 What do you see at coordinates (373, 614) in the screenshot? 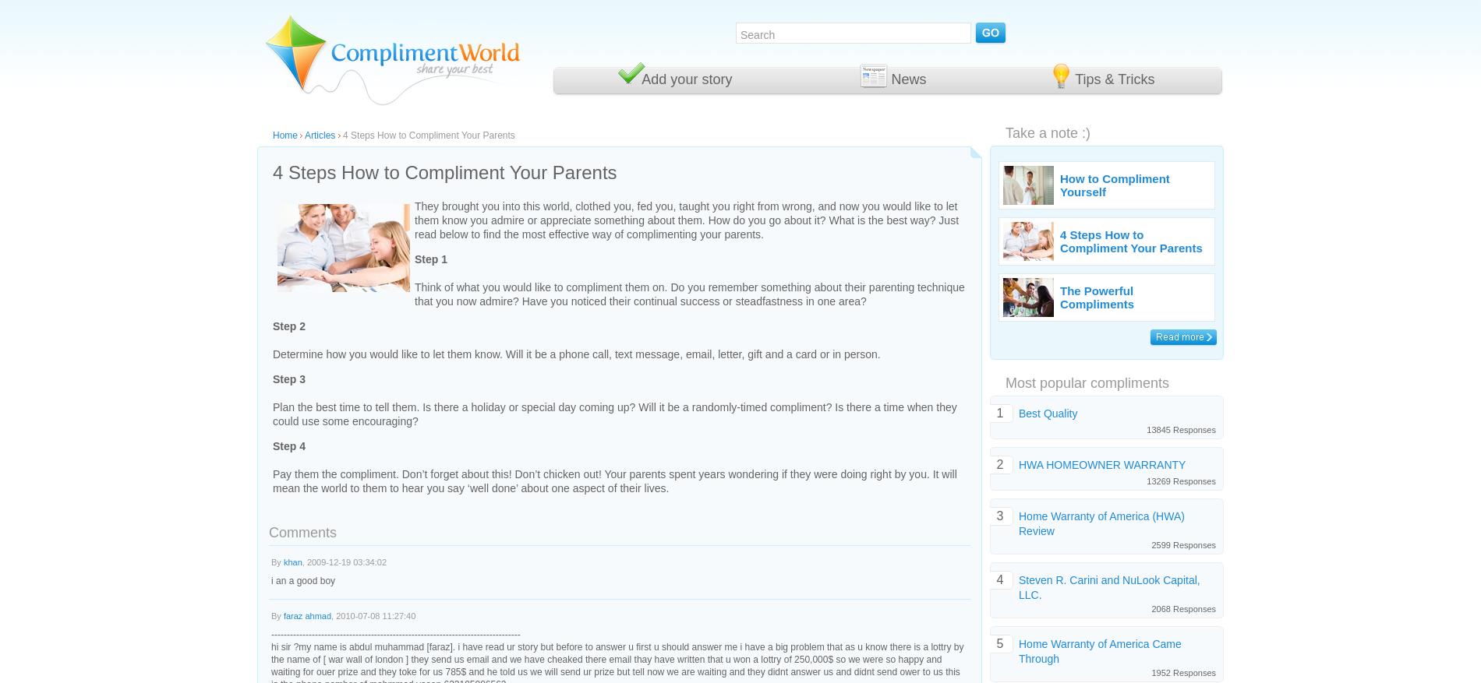
I see `', 2010-07-08 11:27:40'` at bounding box center [373, 614].